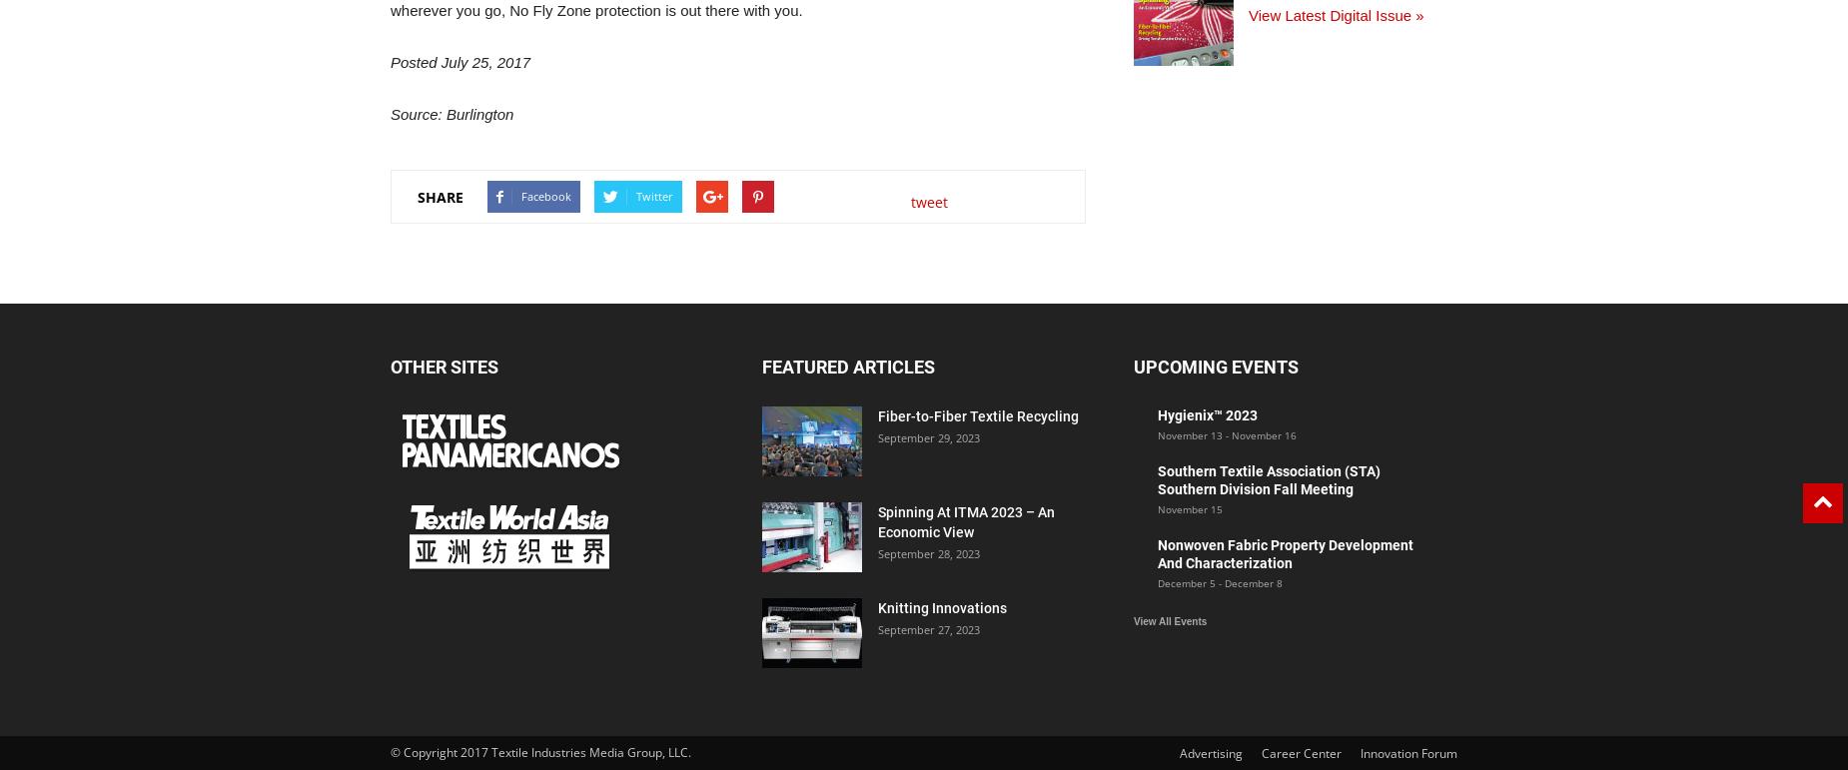 The width and height of the screenshot is (1848, 770). Describe the element at coordinates (848, 367) in the screenshot. I see `'FEATURED ARTICLES'` at that location.